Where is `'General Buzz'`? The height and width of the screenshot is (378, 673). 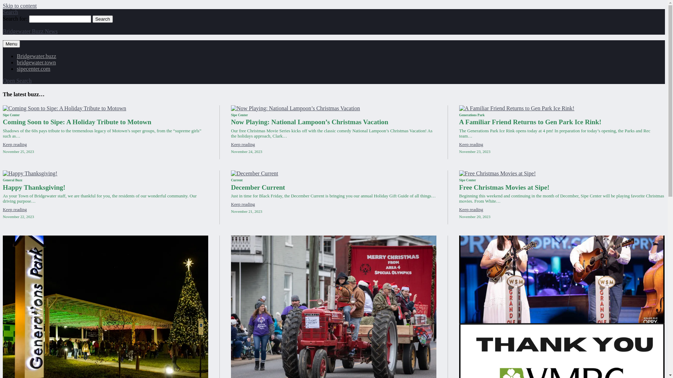
'General Buzz' is located at coordinates (12, 180).